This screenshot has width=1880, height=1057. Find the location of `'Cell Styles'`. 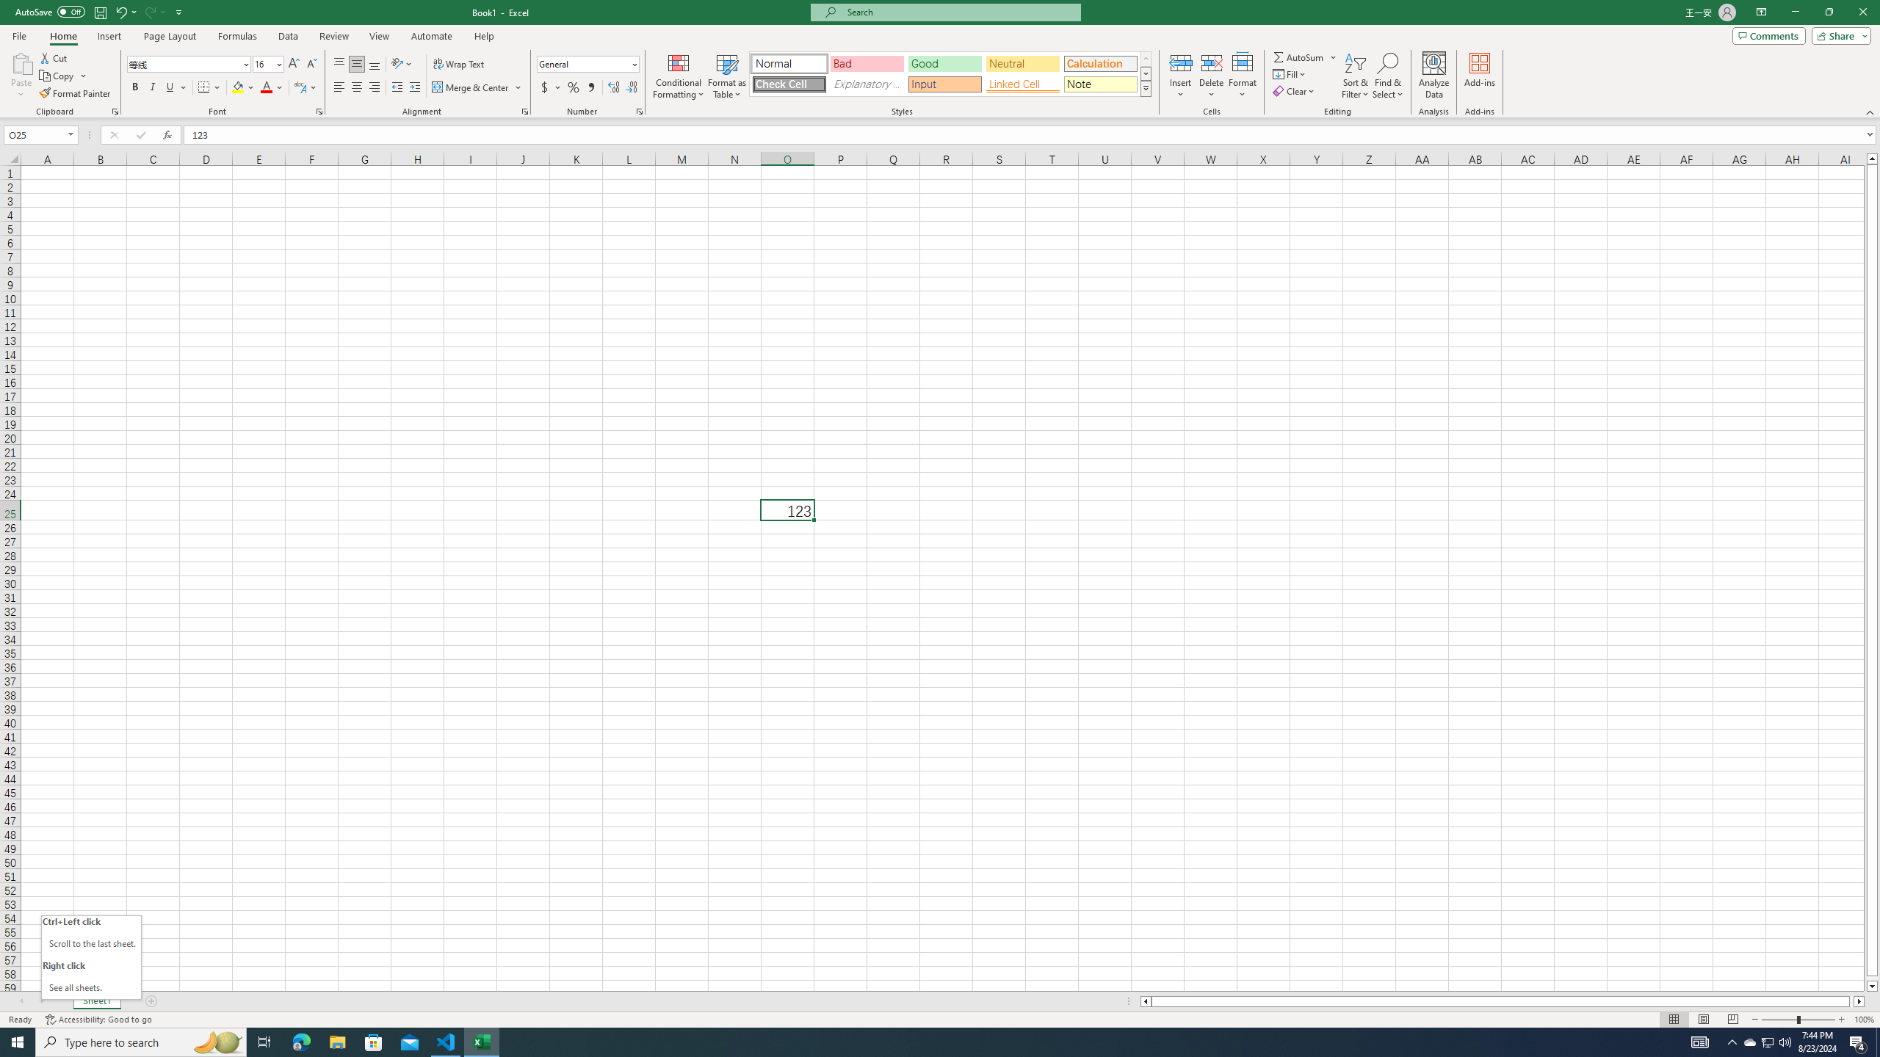

'Cell Styles' is located at coordinates (1146, 87).